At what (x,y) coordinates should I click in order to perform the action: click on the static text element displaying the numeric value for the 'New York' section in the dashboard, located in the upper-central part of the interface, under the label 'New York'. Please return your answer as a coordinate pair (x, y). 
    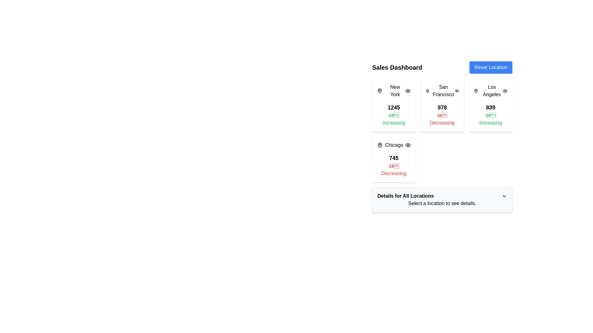
    Looking at the image, I should click on (393, 107).